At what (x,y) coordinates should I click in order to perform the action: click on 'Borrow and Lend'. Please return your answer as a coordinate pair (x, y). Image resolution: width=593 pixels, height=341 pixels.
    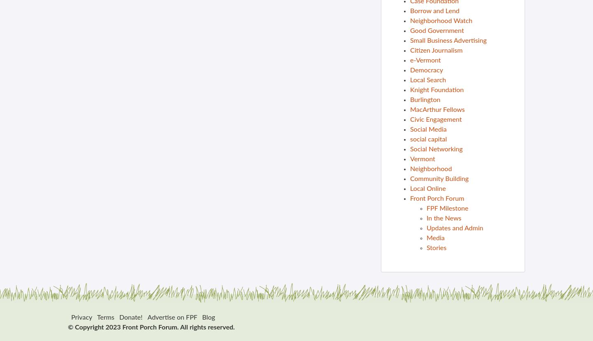
    Looking at the image, I should click on (410, 11).